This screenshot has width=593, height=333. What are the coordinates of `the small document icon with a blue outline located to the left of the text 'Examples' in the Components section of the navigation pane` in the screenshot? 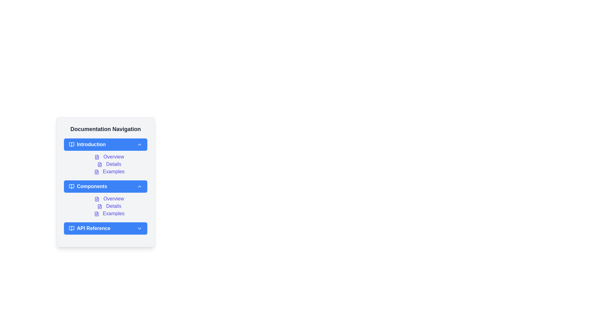 It's located at (96, 213).